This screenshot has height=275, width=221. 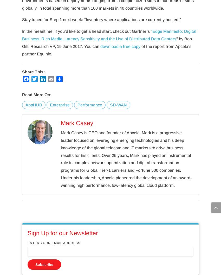 What do you see at coordinates (100, 46) in the screenshot?
I see `'download a free copy'` at bounding box center [100, 46].